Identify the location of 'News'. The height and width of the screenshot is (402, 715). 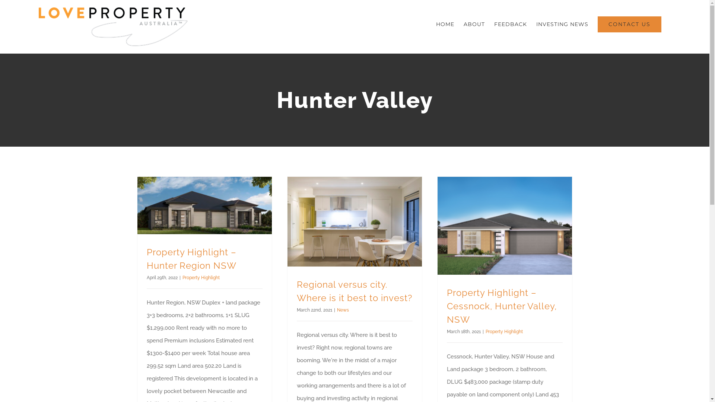
(342, 310).